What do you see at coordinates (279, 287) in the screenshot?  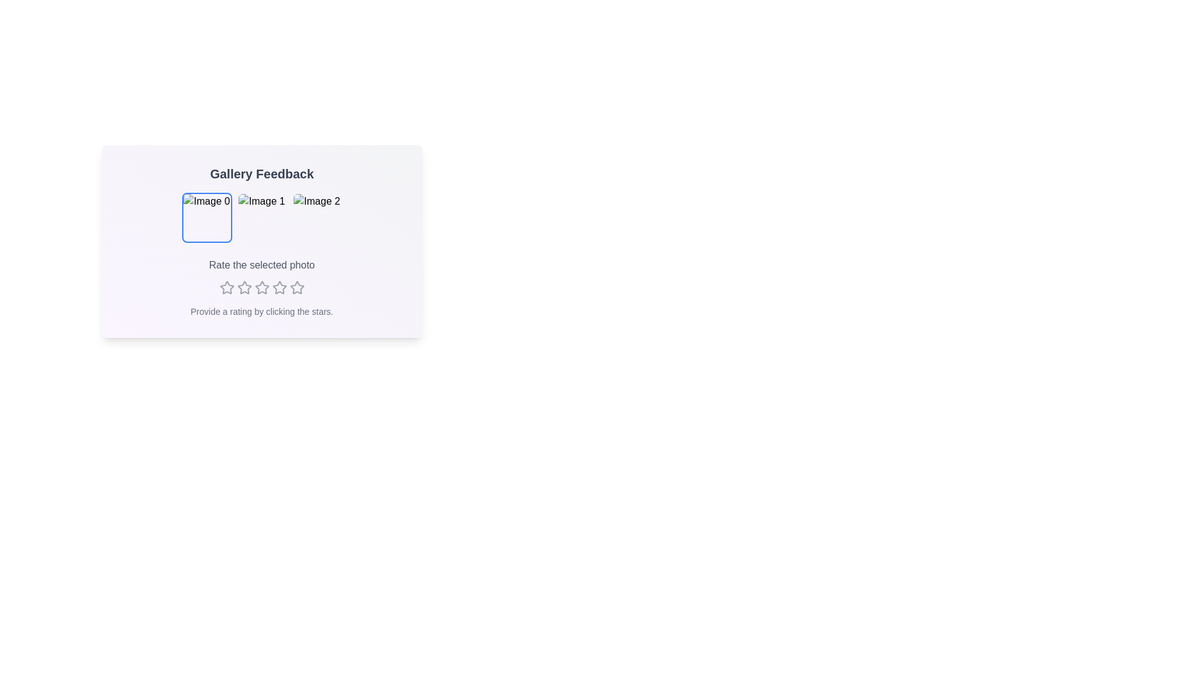 I see `the fifth star in a horizontal row of six stars to rate the selected photo` at bounding box center [279, 287].